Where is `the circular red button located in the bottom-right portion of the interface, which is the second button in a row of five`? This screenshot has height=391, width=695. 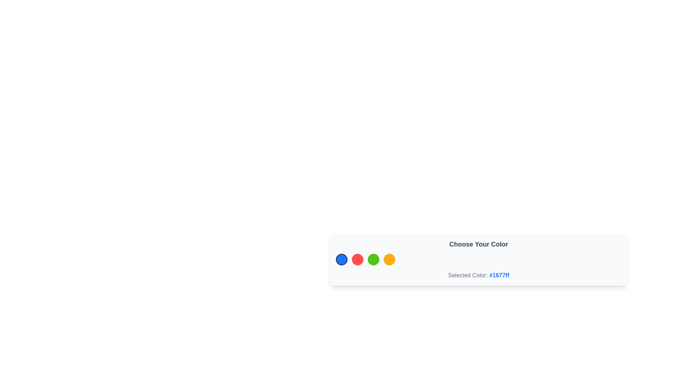 the circular red button located in the bottom-right portion of the interface, which is the second button in a row of five is located at coordinates (358, 259).